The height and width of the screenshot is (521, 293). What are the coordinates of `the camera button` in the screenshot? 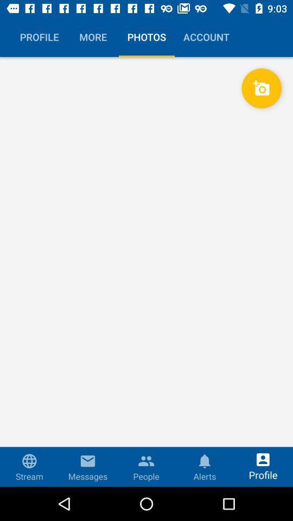 It's located at (261, 88).